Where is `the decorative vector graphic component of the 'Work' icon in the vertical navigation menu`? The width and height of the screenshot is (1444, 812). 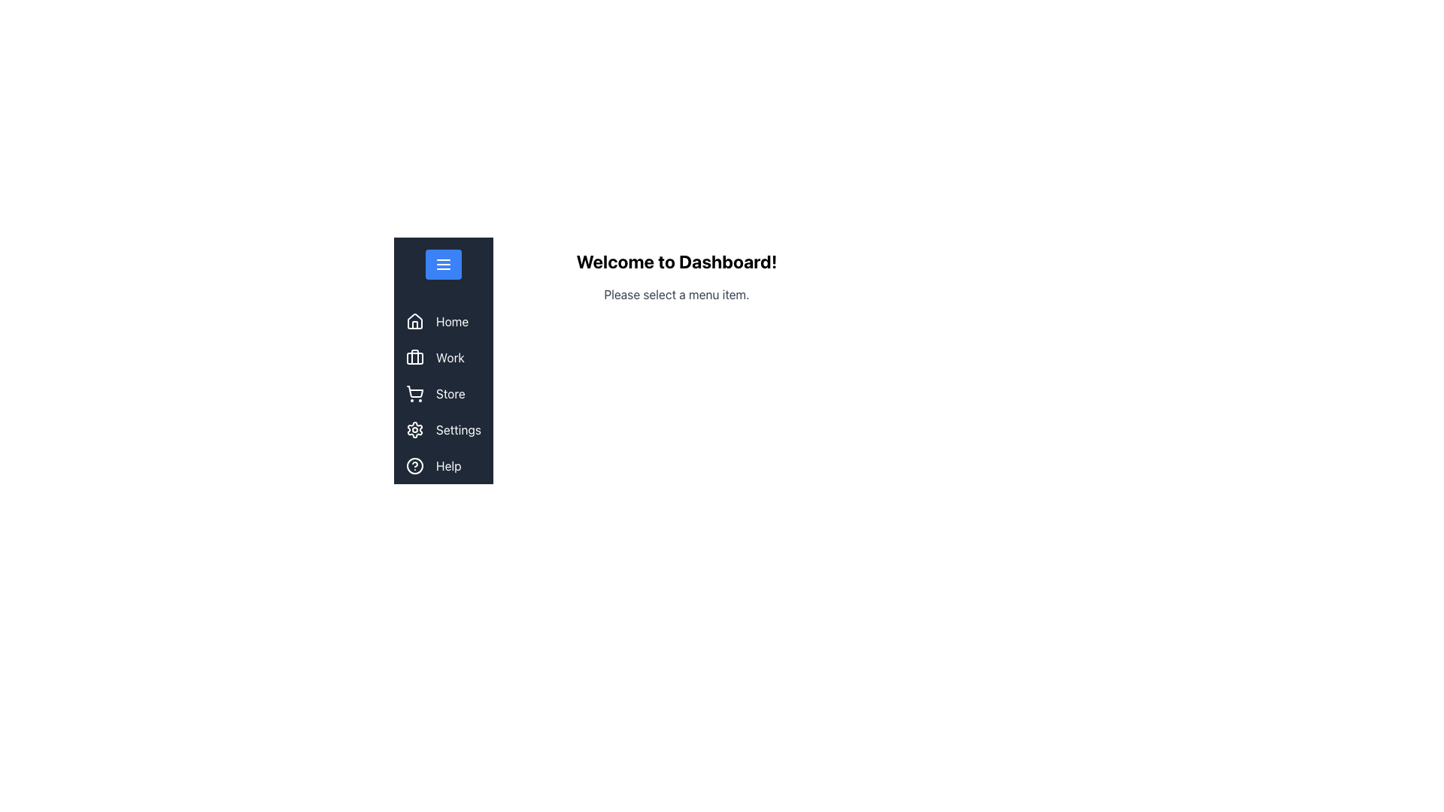
the decorative vector graphic component of the 'Work' icon in the vertical navigation menu is located at coordinates (415, 356).